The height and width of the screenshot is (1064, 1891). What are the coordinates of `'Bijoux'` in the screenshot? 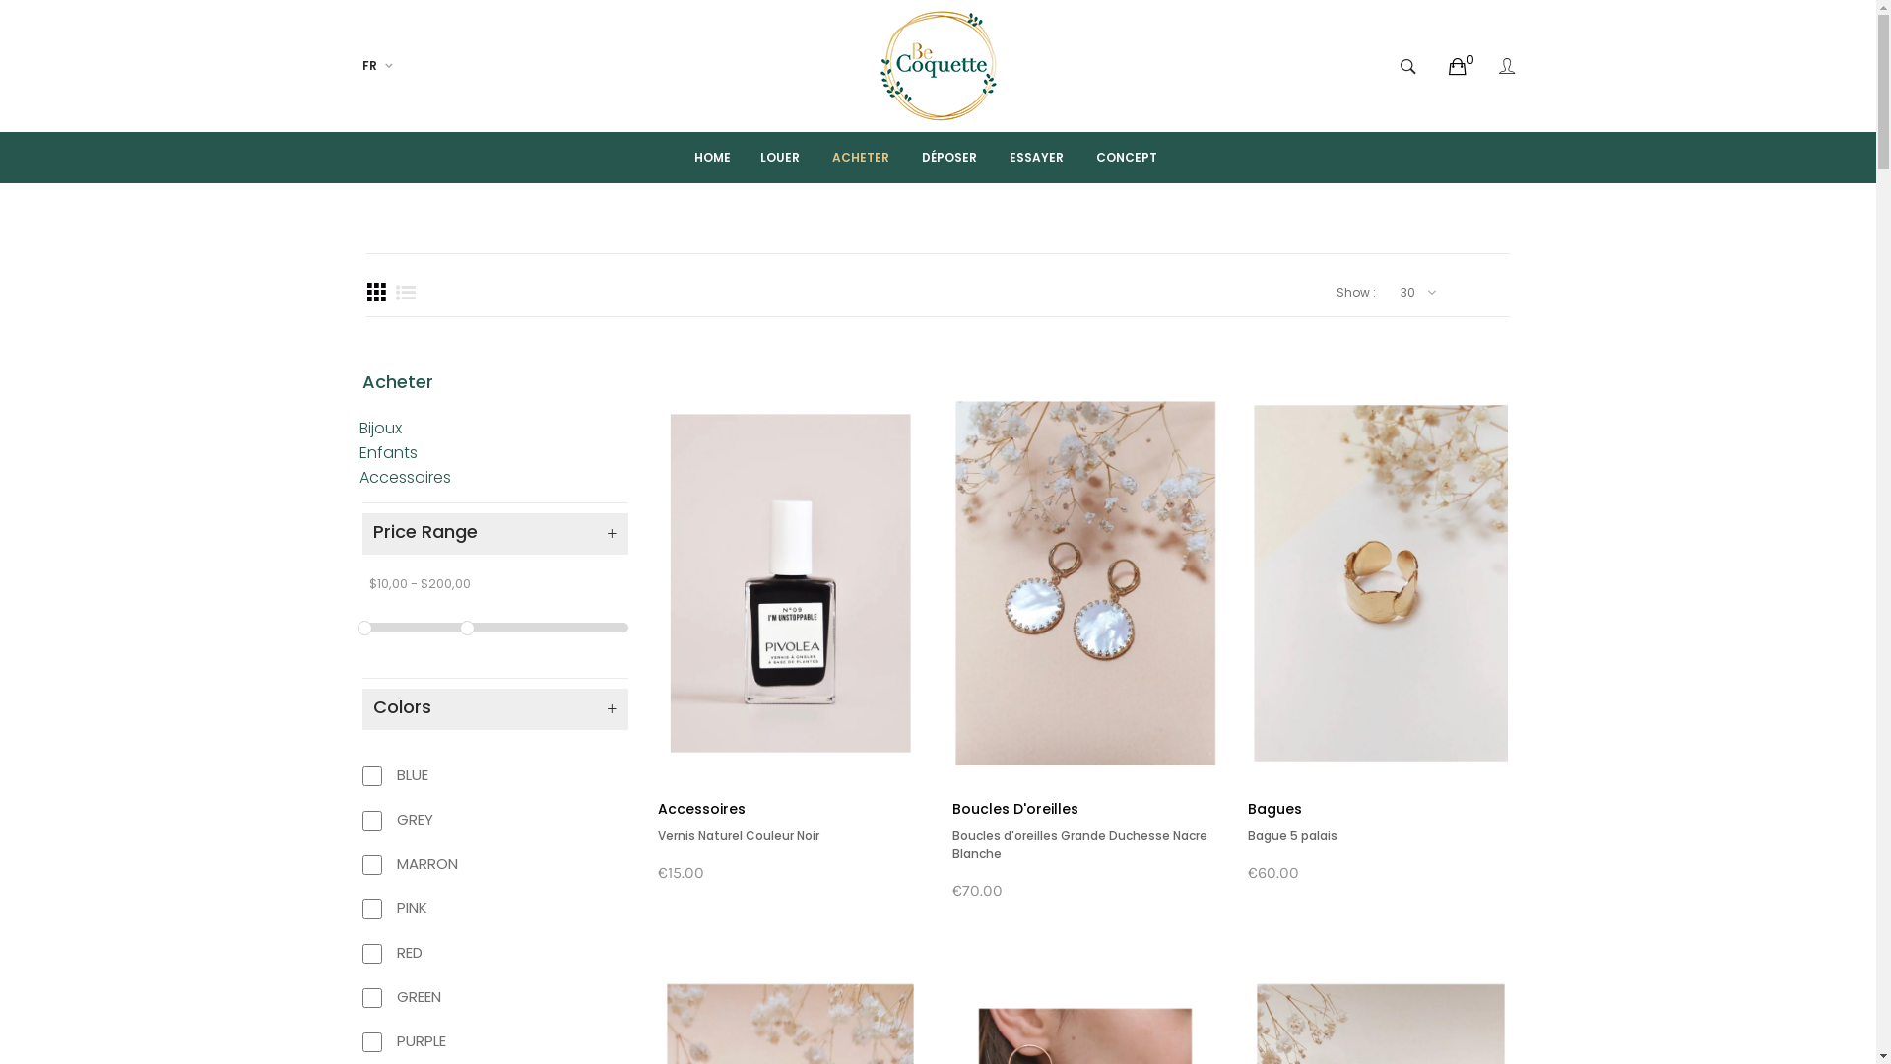 It's located at (379, 427).